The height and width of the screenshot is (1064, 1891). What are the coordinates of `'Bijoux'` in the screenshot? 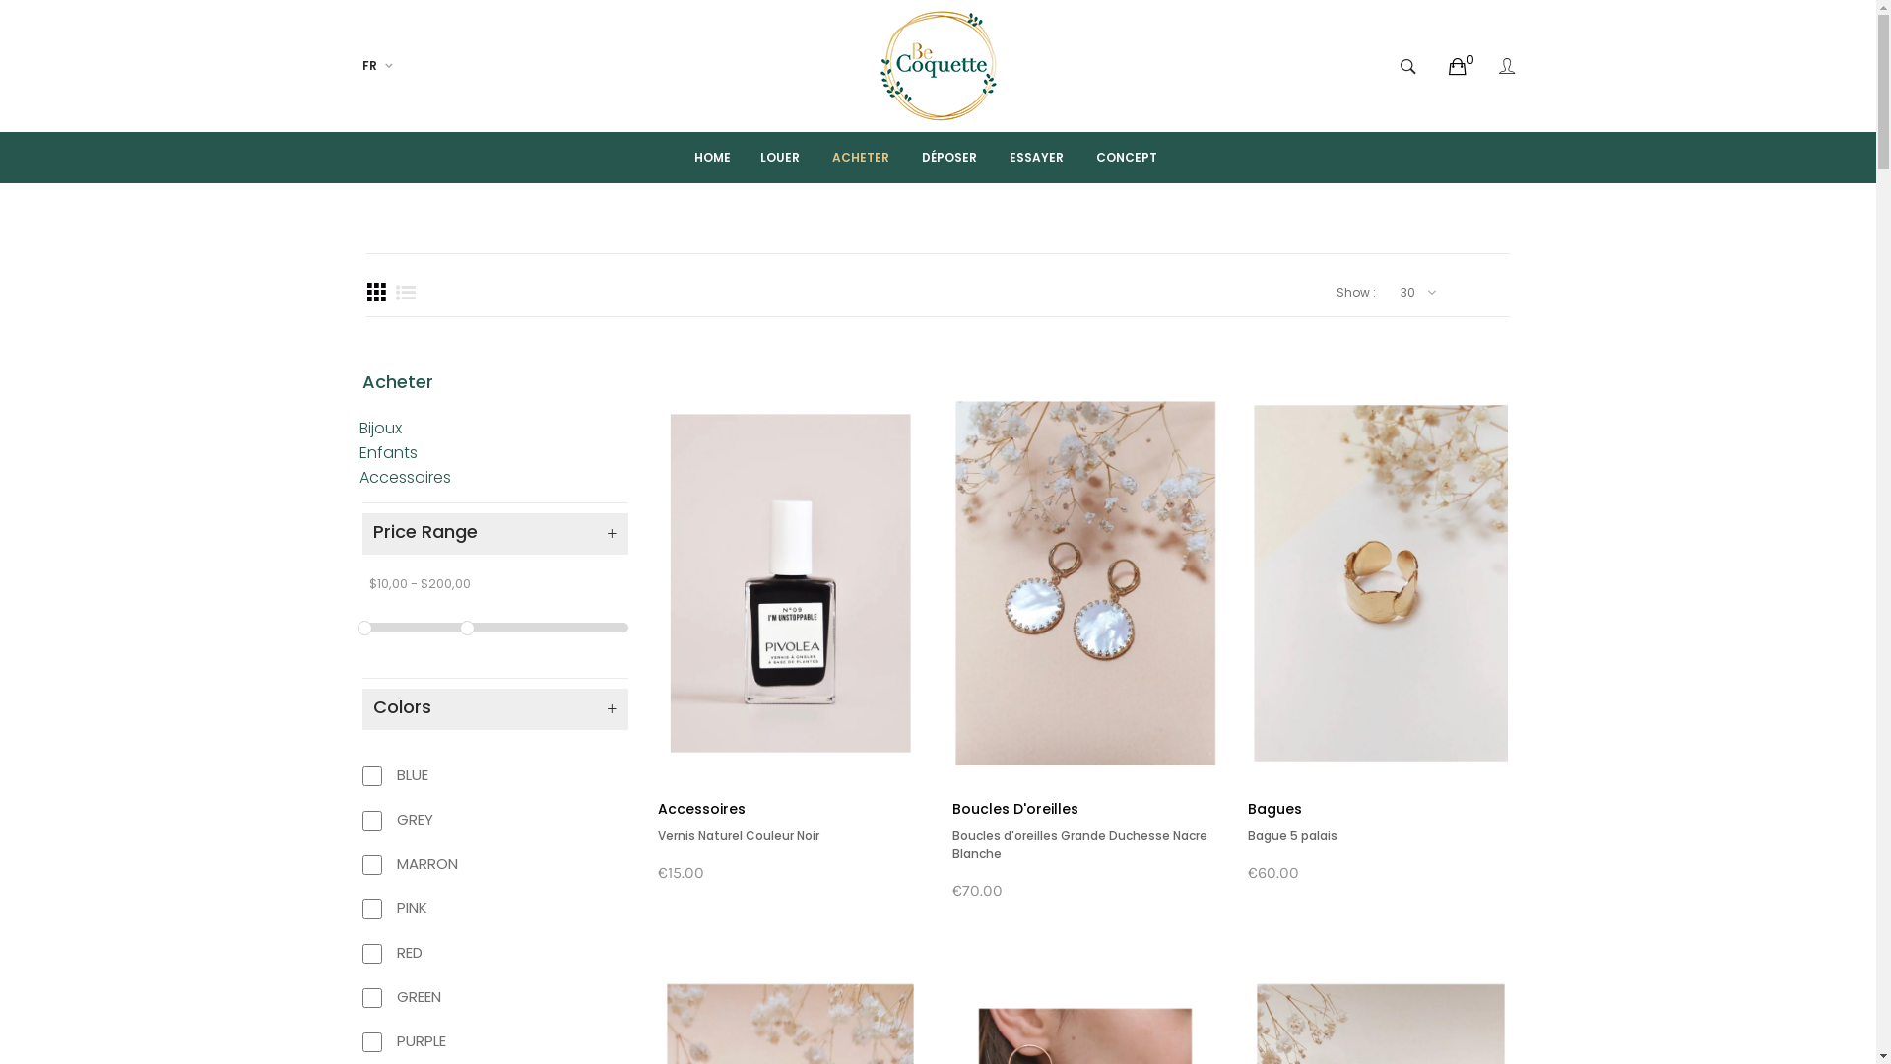 It's located at (379, 427).